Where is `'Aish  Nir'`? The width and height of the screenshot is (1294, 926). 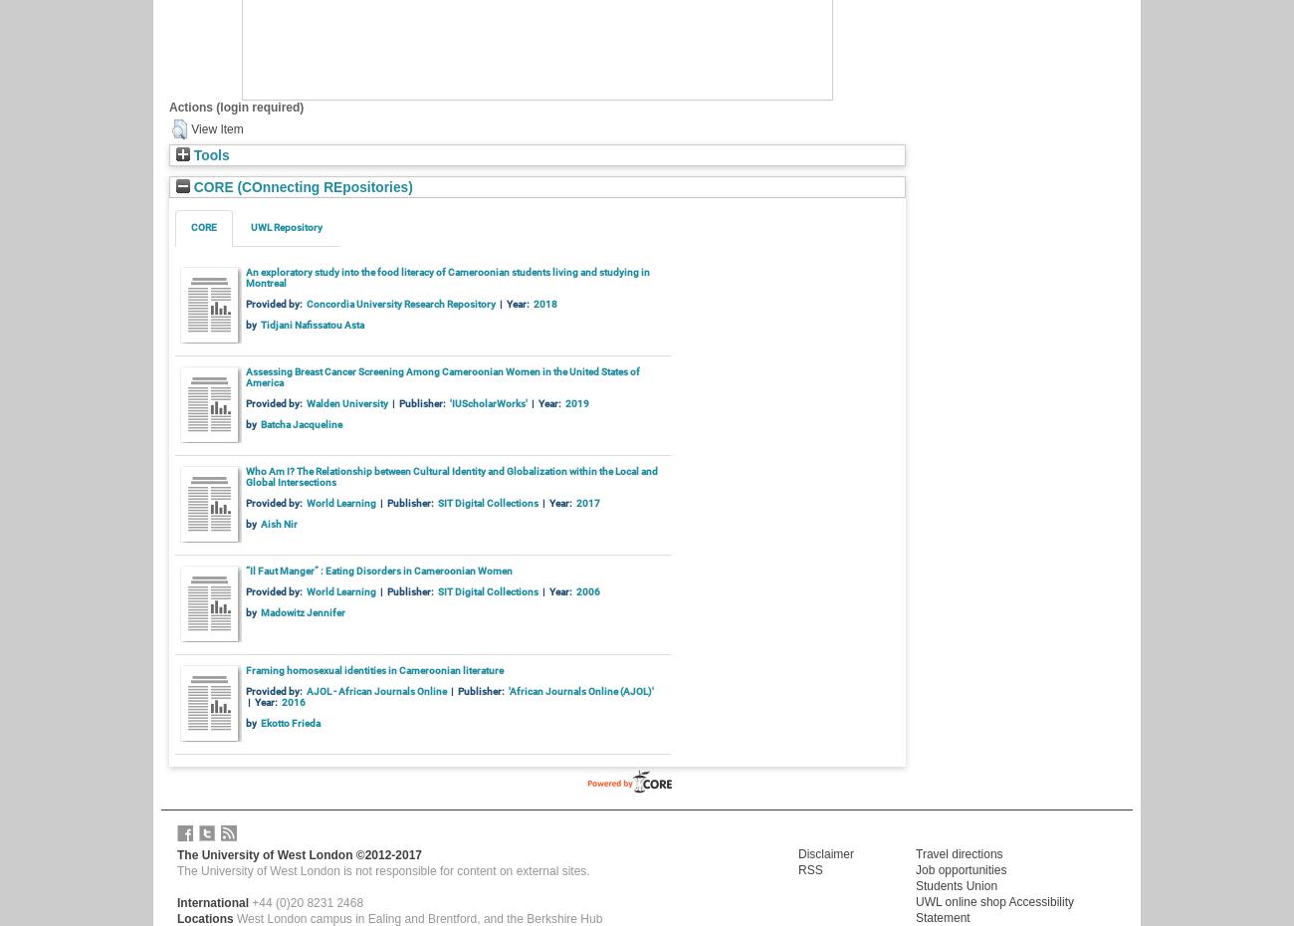 'Aish  Nir' is located at coordinates (258, 522).